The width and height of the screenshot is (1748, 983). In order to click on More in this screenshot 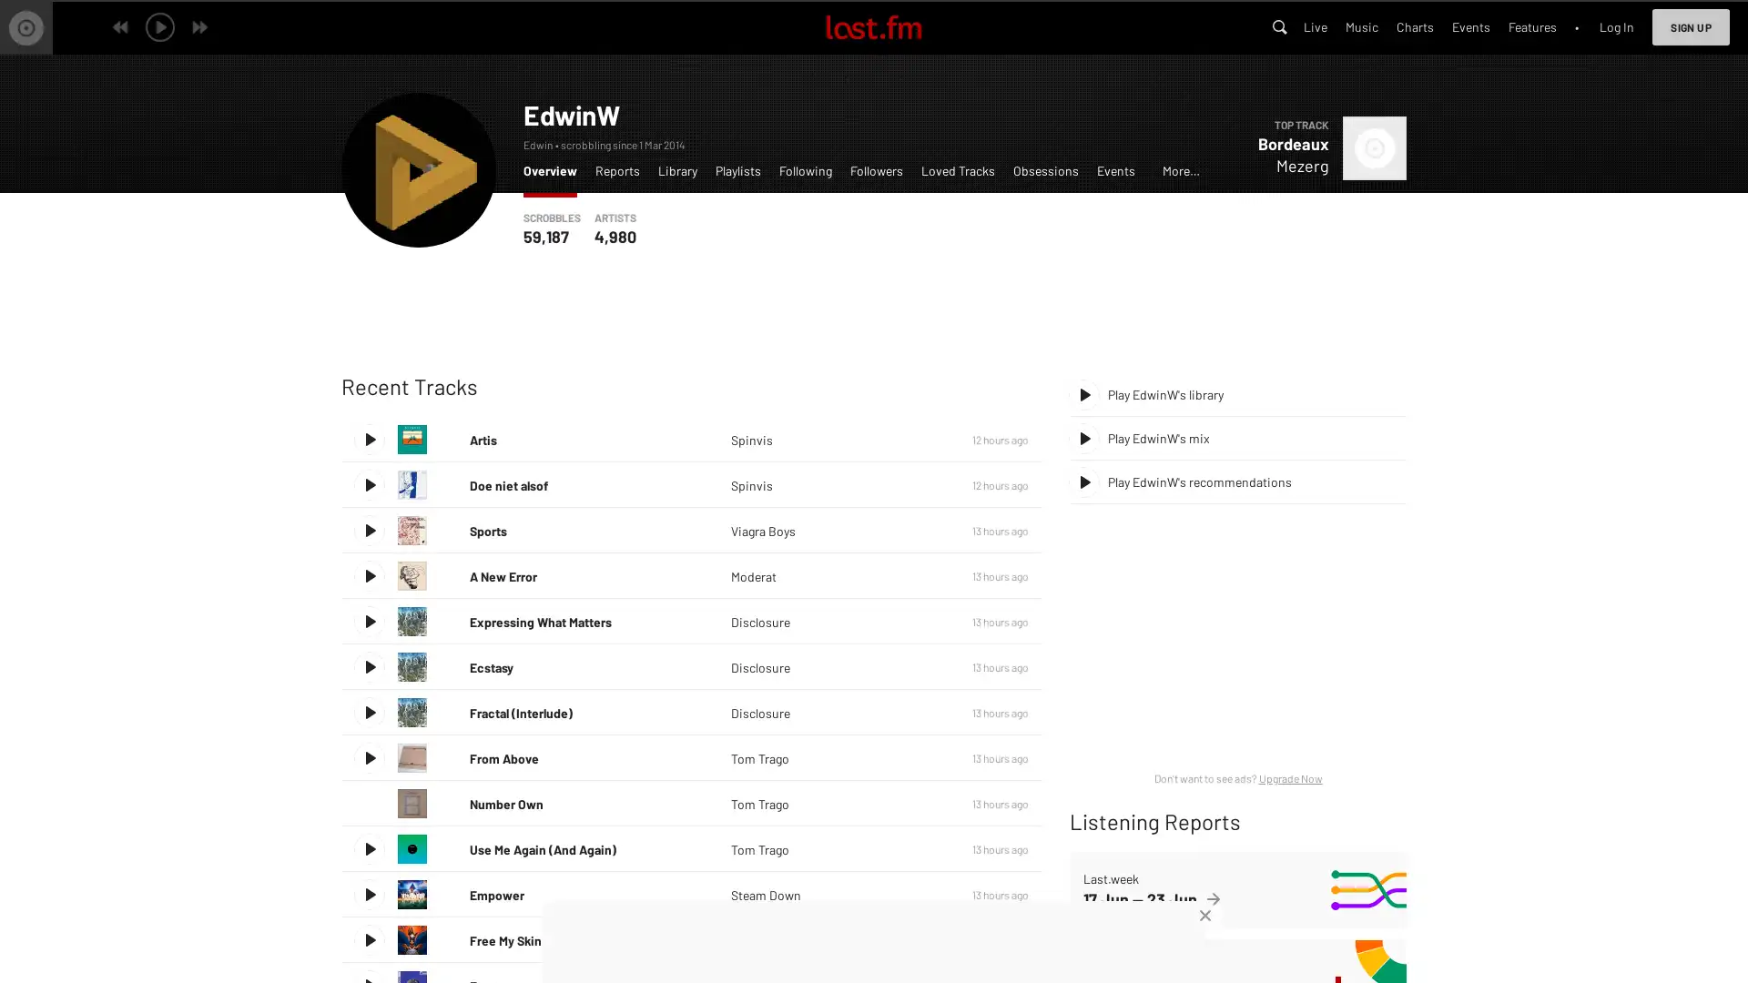, I will do `click(918, 530)`.